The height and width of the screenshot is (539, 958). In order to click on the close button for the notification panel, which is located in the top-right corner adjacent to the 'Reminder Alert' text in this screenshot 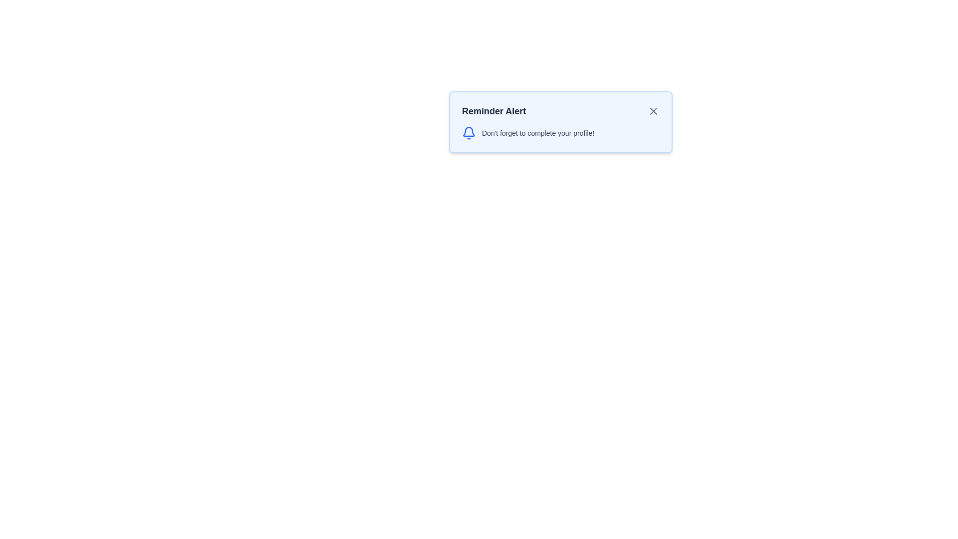, I will do `click(654, 111)`.